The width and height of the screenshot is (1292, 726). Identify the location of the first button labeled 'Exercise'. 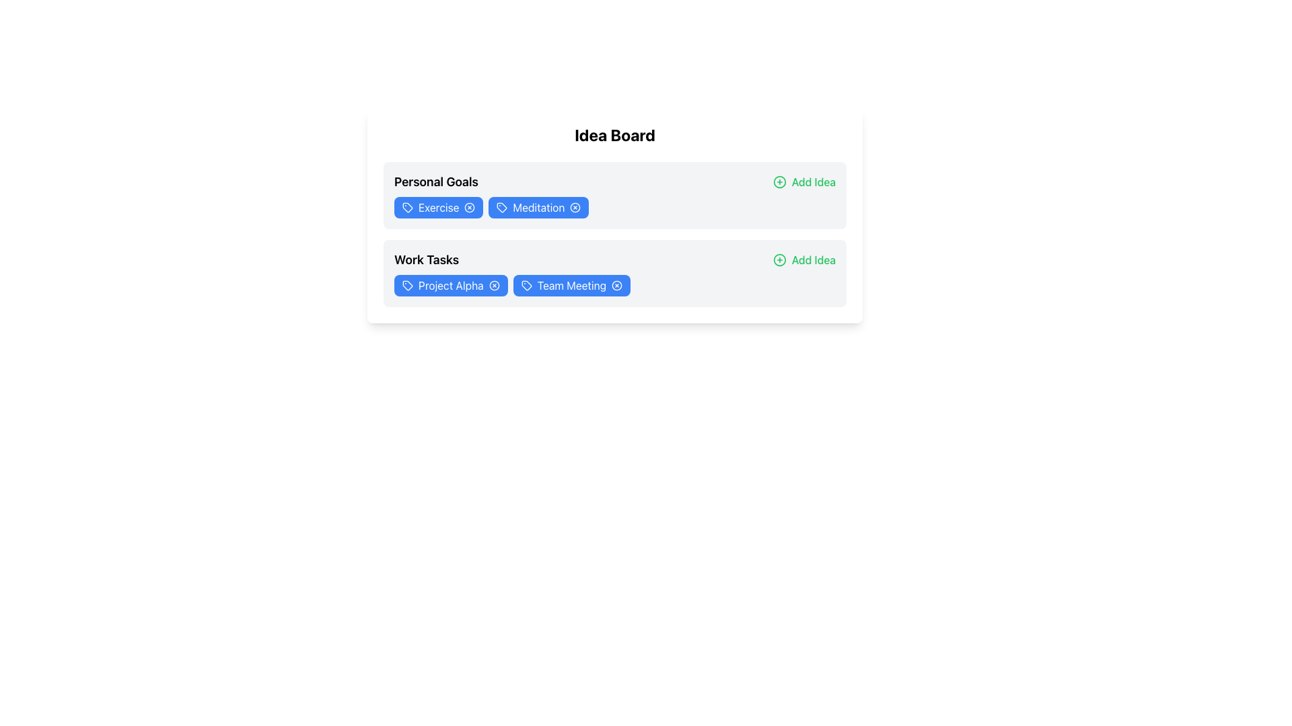
(439, 207).